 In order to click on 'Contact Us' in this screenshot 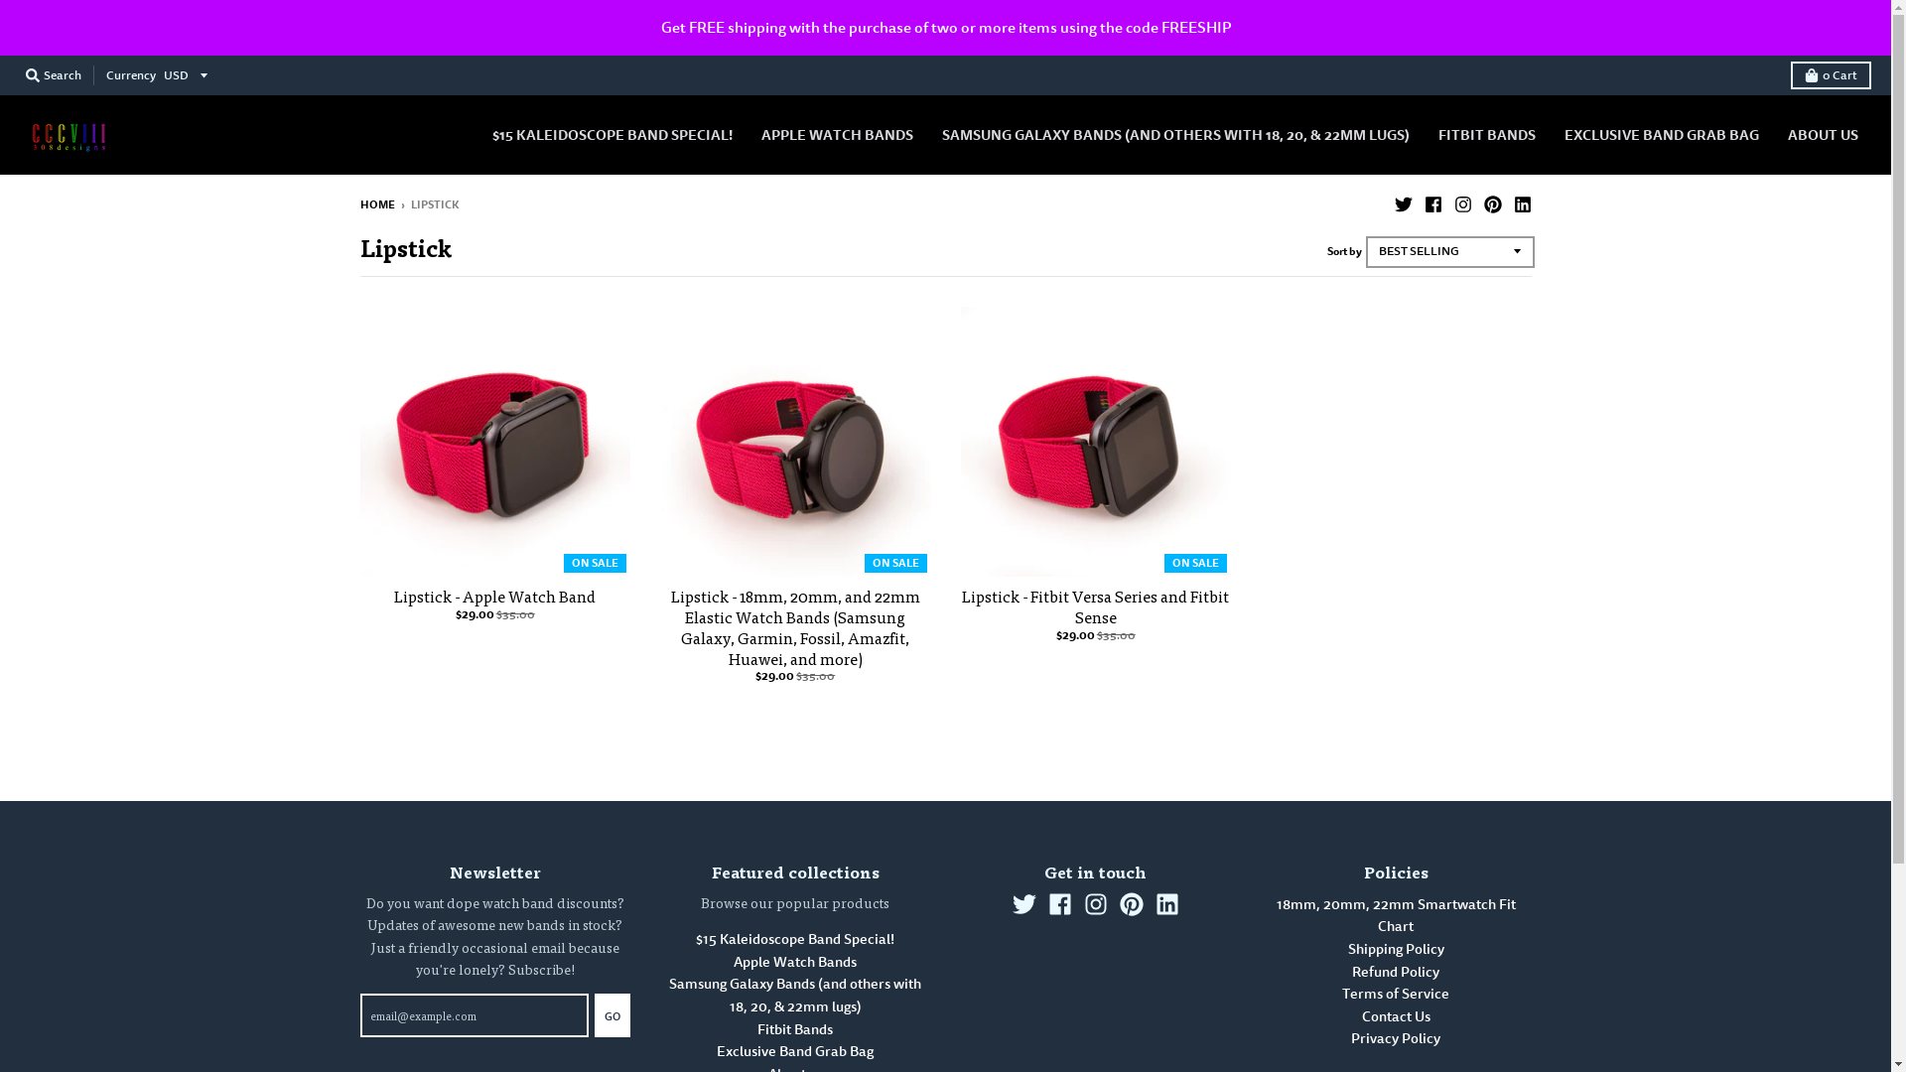, I will do `click(1395, 1016)`.